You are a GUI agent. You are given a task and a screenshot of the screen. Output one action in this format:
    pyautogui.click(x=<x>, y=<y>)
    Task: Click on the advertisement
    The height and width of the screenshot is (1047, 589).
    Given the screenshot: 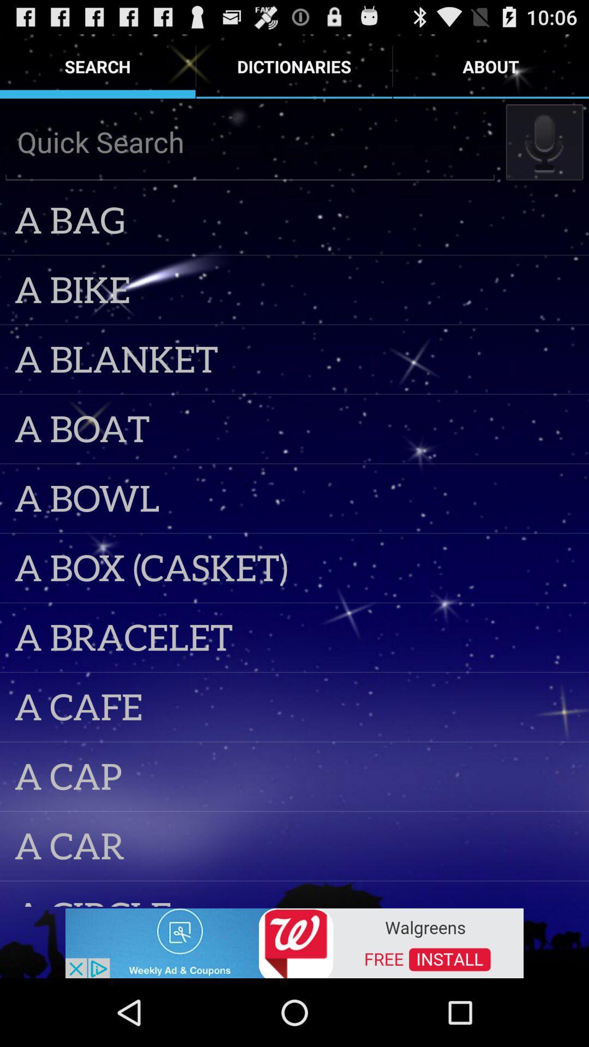 What is the action you would take?
    pyautogui.click(x=294, y=942)
    